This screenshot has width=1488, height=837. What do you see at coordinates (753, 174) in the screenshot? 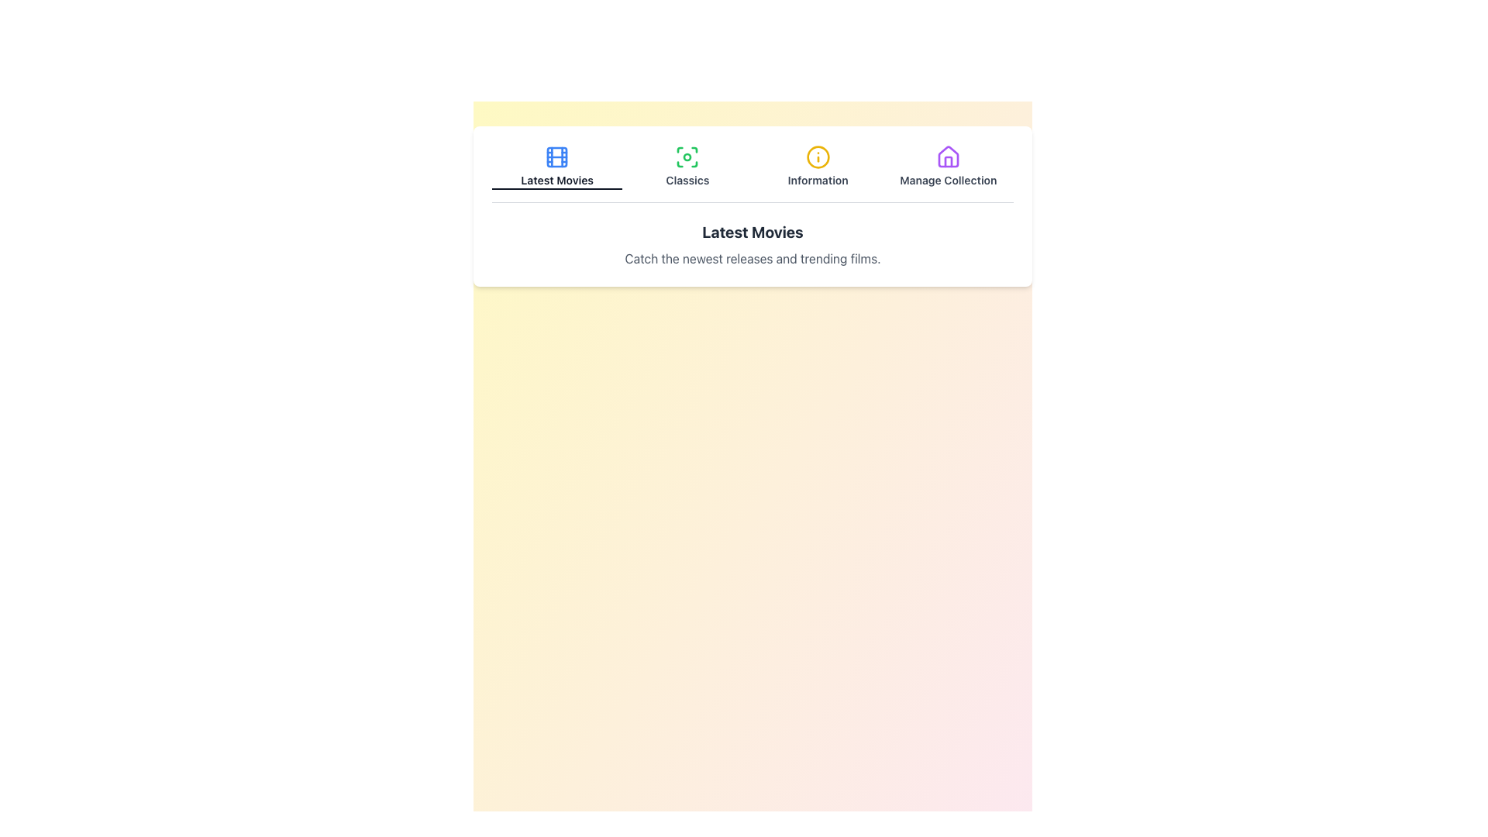
I see `the Navigation menu for accessibility navigation, specifically targeting one of its menu items` at bounding box center [753, 174].